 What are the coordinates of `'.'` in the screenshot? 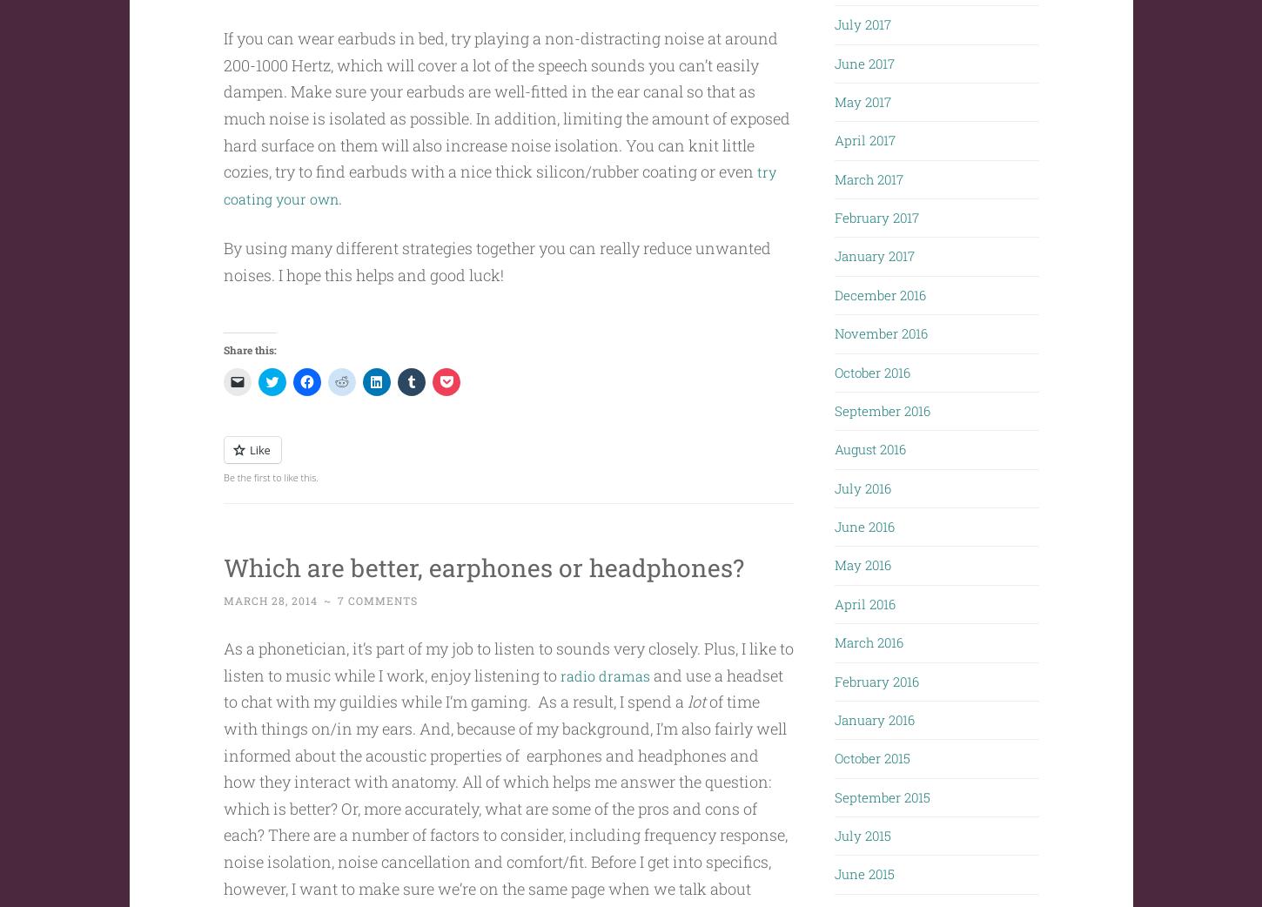 It's located at (349, 197).